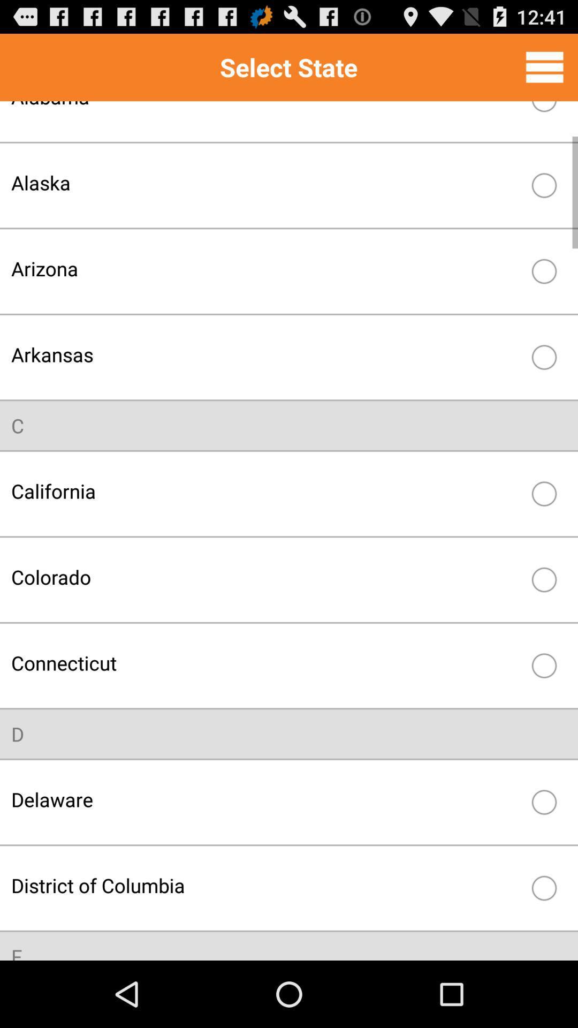 The width and height of the screenshot is (578, 1028). What do you see at coordinates (265, 183) in the screenshot?
I see `item above arizona icon` at bounding box center [265, 183].